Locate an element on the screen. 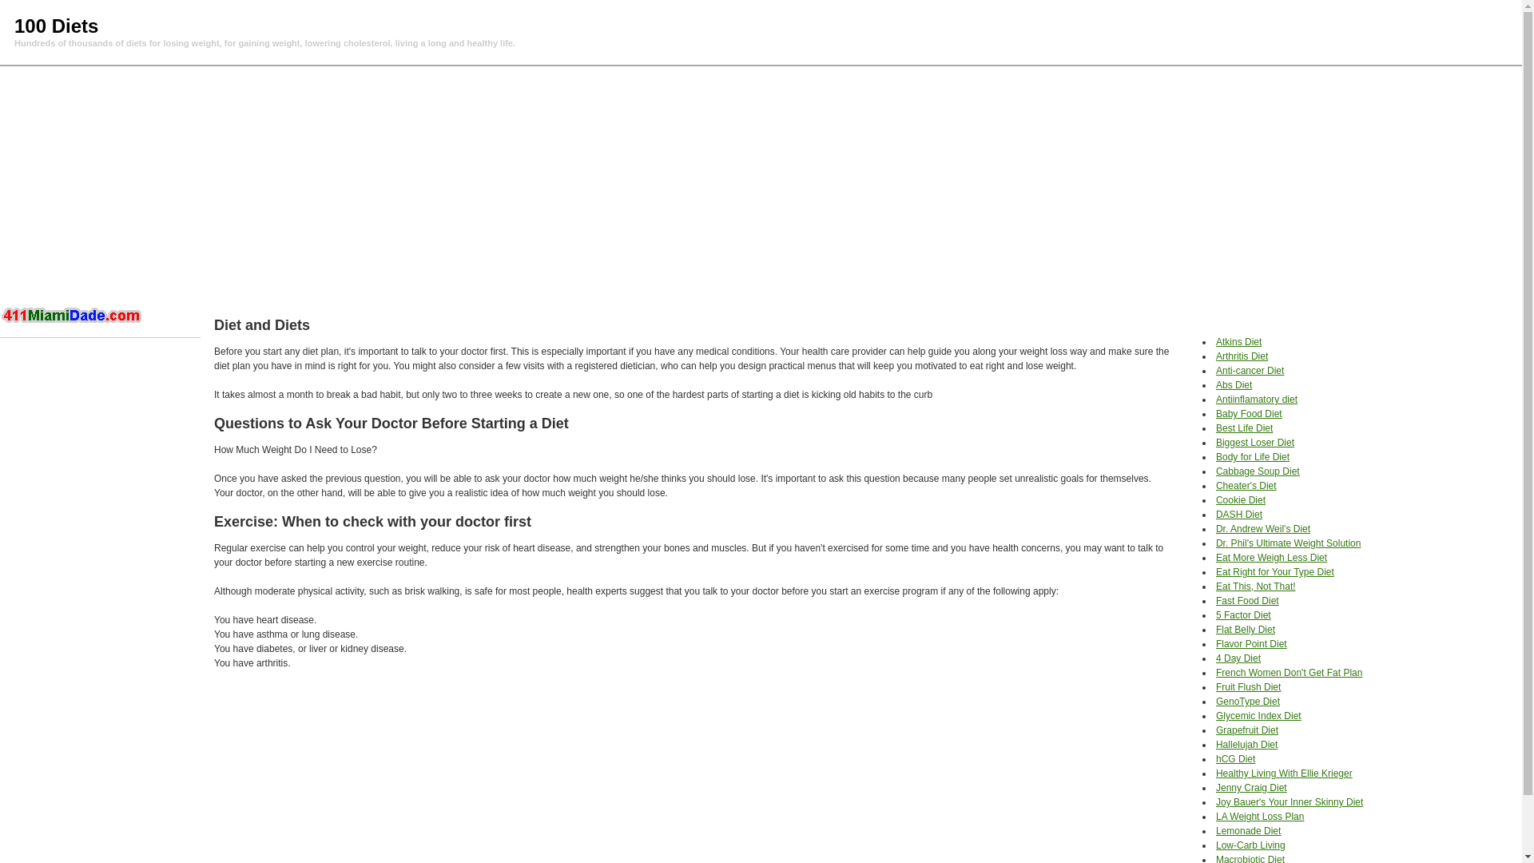 The image size is (1534, 863). 'Cabbage Soup Diet' is located at coordinates (1257, 471).